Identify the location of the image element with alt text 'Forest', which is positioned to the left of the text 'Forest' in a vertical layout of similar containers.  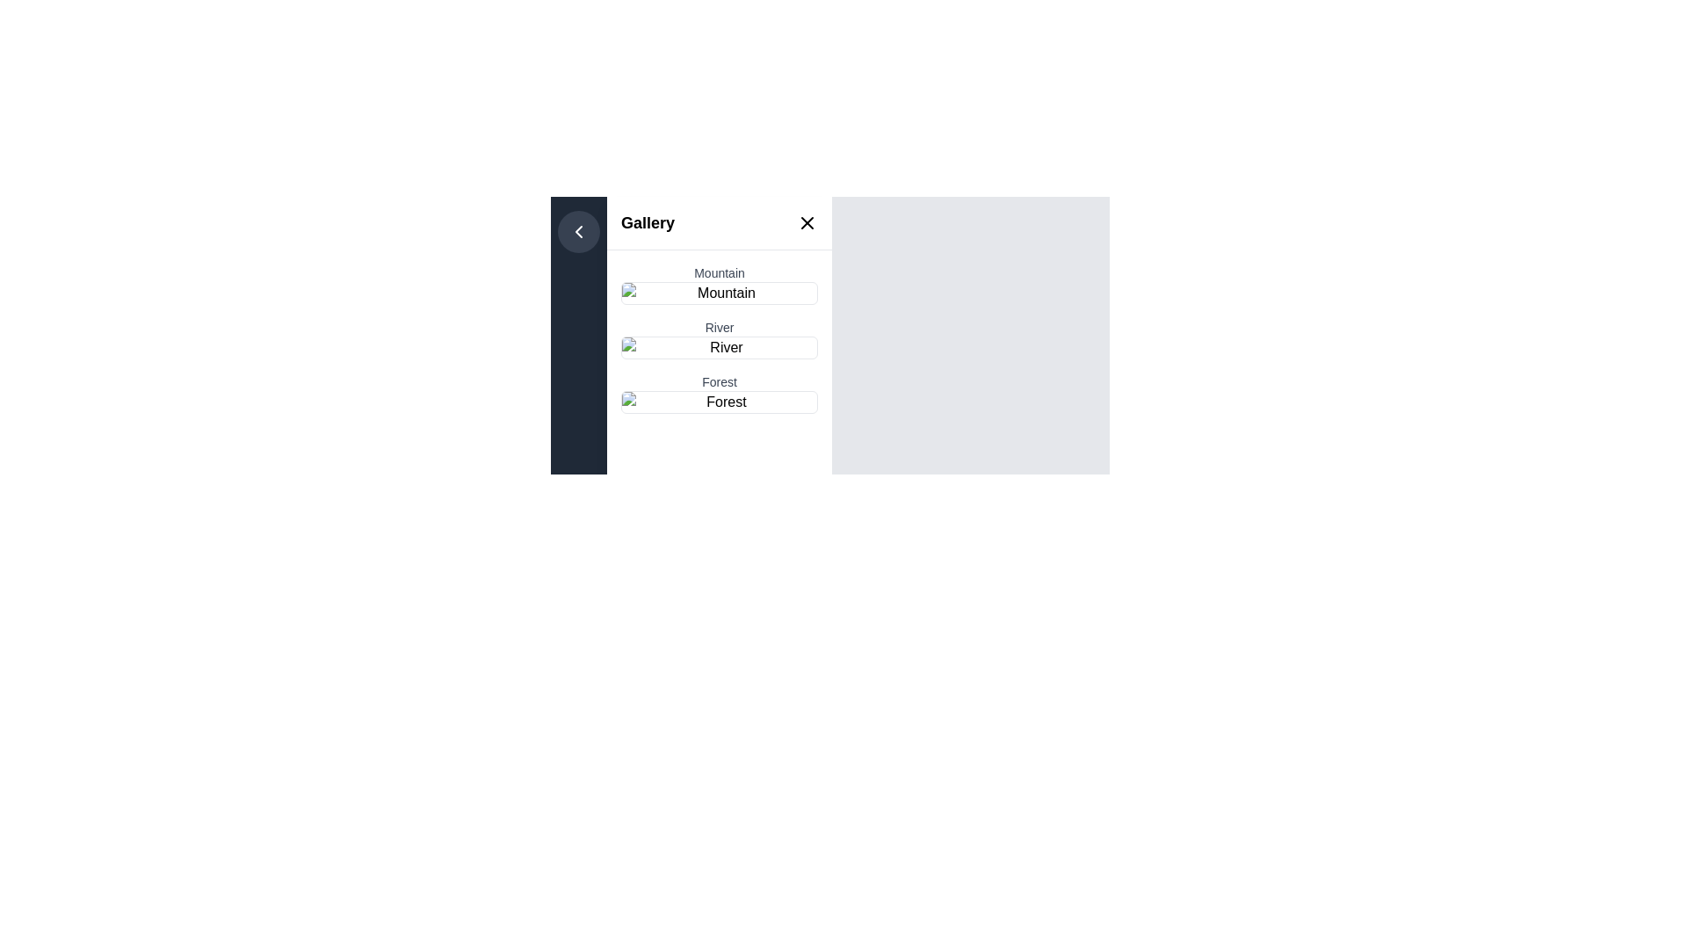
(720, 402).